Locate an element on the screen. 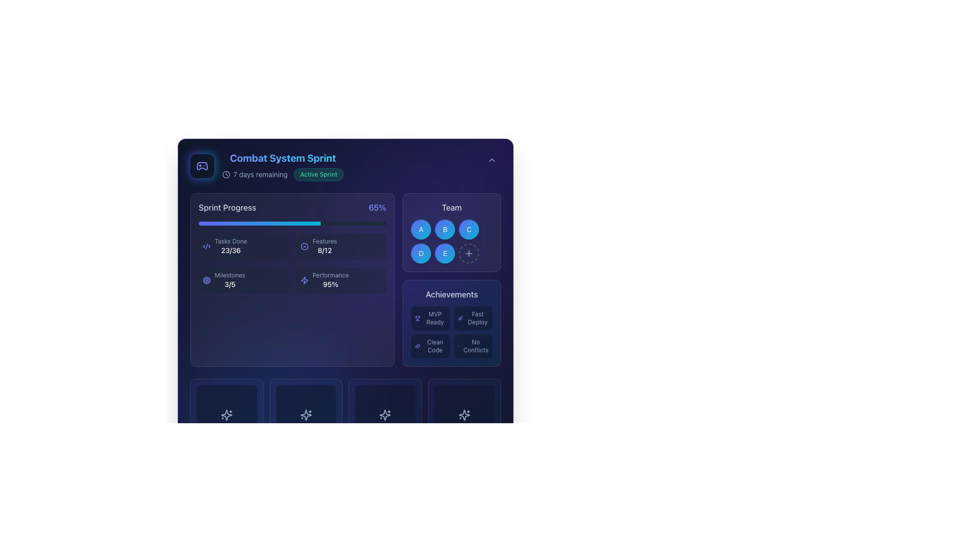 The width and height of the screenshot is (959, 539). the gamepad SVG graphic element, which is part of the 'Combat System Sprint' header. This element is characterized by its minimalistic design and modern style, featuring a sleek, solid body with a color scheme that matches the text-indigo-400 hover effect is located at coordinates (201, 165).